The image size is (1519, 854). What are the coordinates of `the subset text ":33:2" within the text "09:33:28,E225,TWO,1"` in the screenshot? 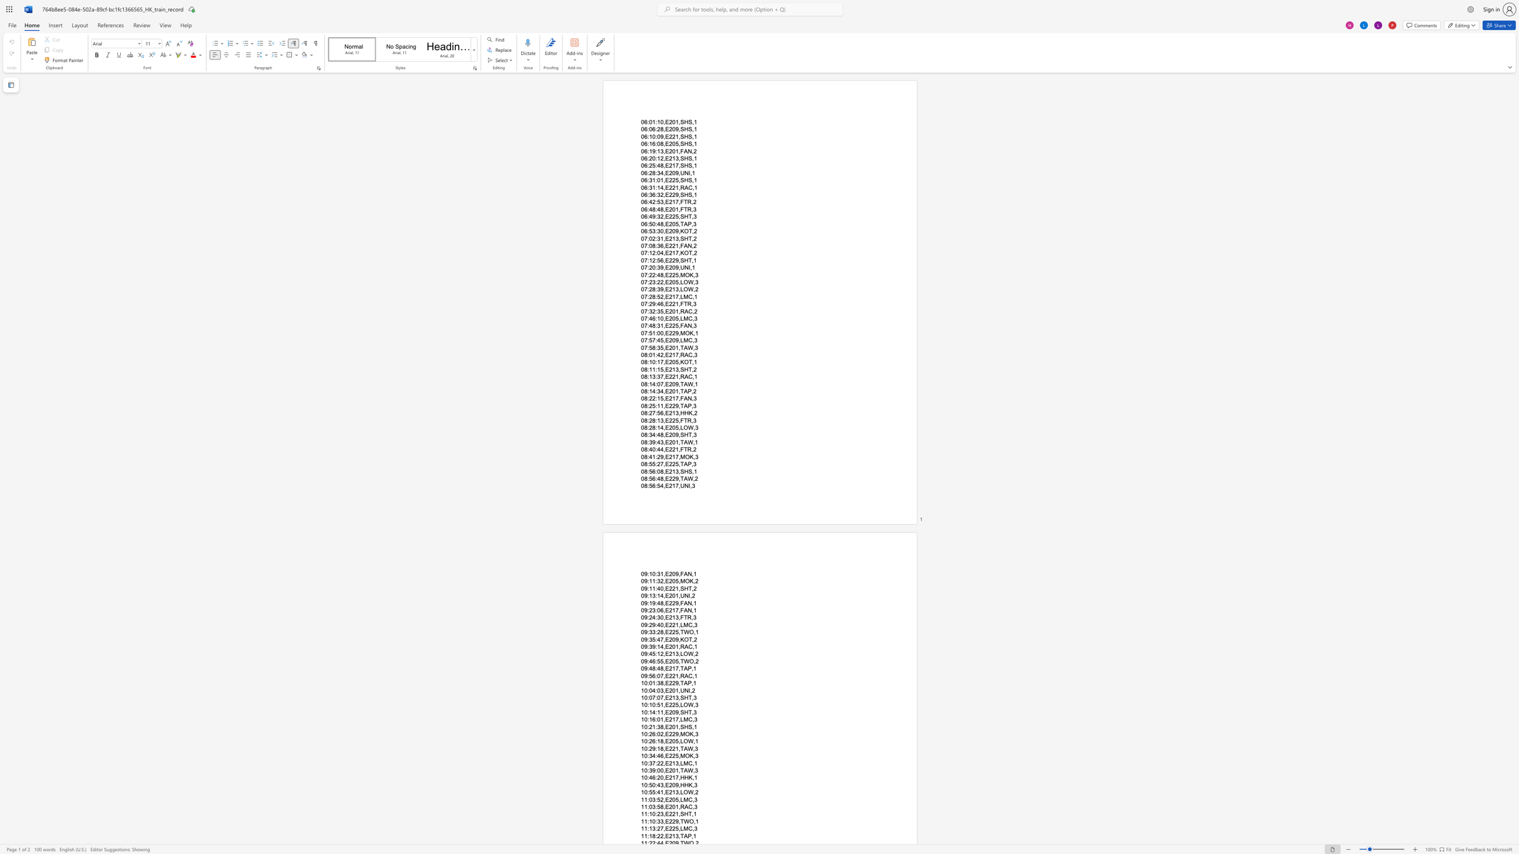 It's located at (647, 632).